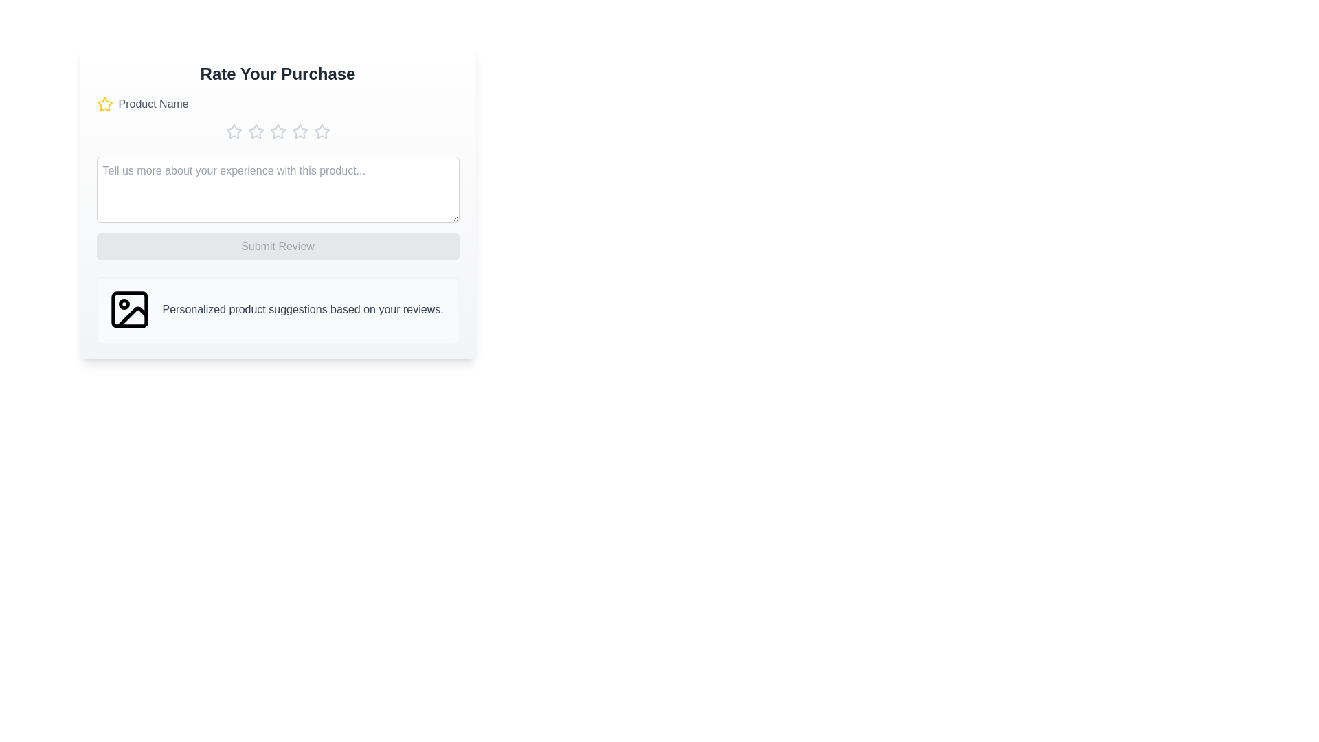 This screenshot has width=1319, height=742. I want to click on the star corresponding to the rating 3, so click(277, 132).